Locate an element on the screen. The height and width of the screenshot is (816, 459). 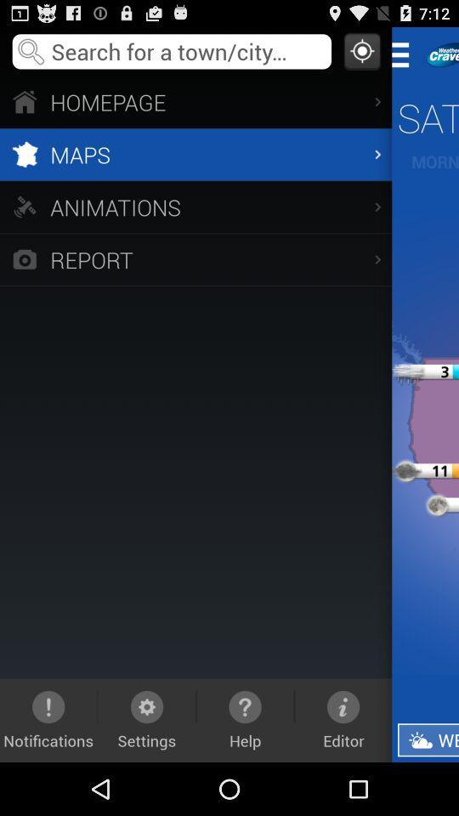
icon below maps icon is located at coordinates (195, 206).